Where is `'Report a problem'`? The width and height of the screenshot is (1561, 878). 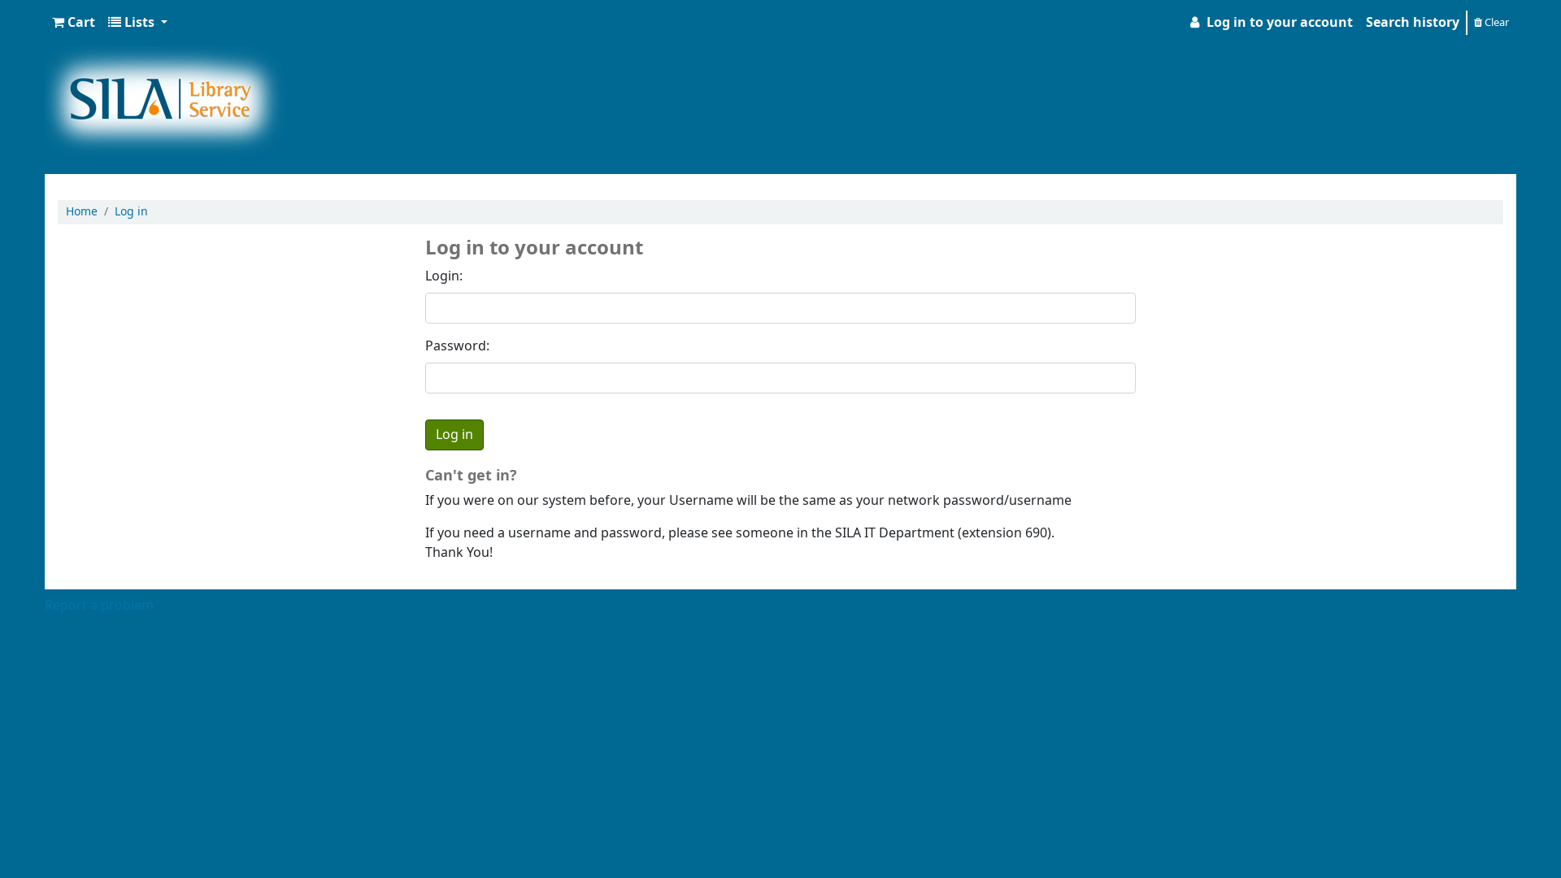 'Report a problem' is located at coordinates (98, 605).